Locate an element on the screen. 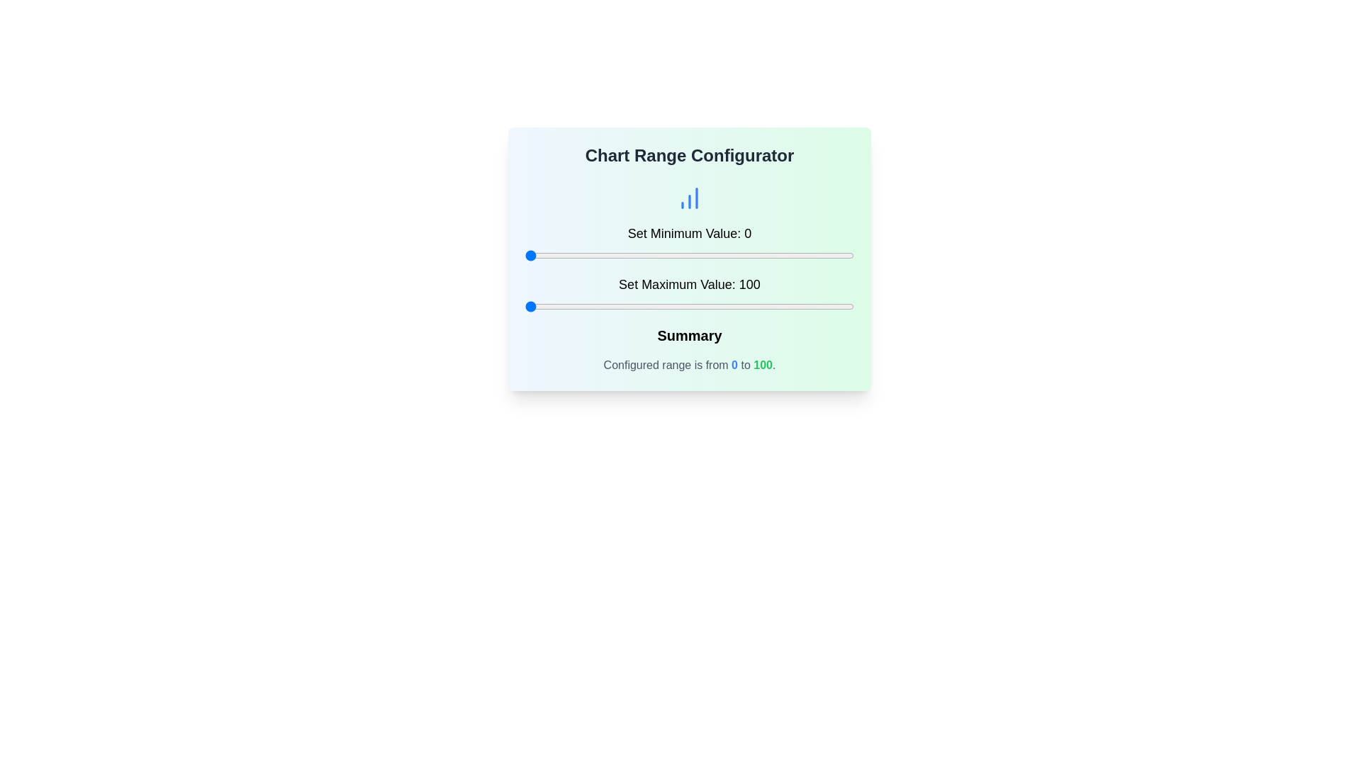  the minimum value slider to set the value to 23 is located at coordinates (600, 256).